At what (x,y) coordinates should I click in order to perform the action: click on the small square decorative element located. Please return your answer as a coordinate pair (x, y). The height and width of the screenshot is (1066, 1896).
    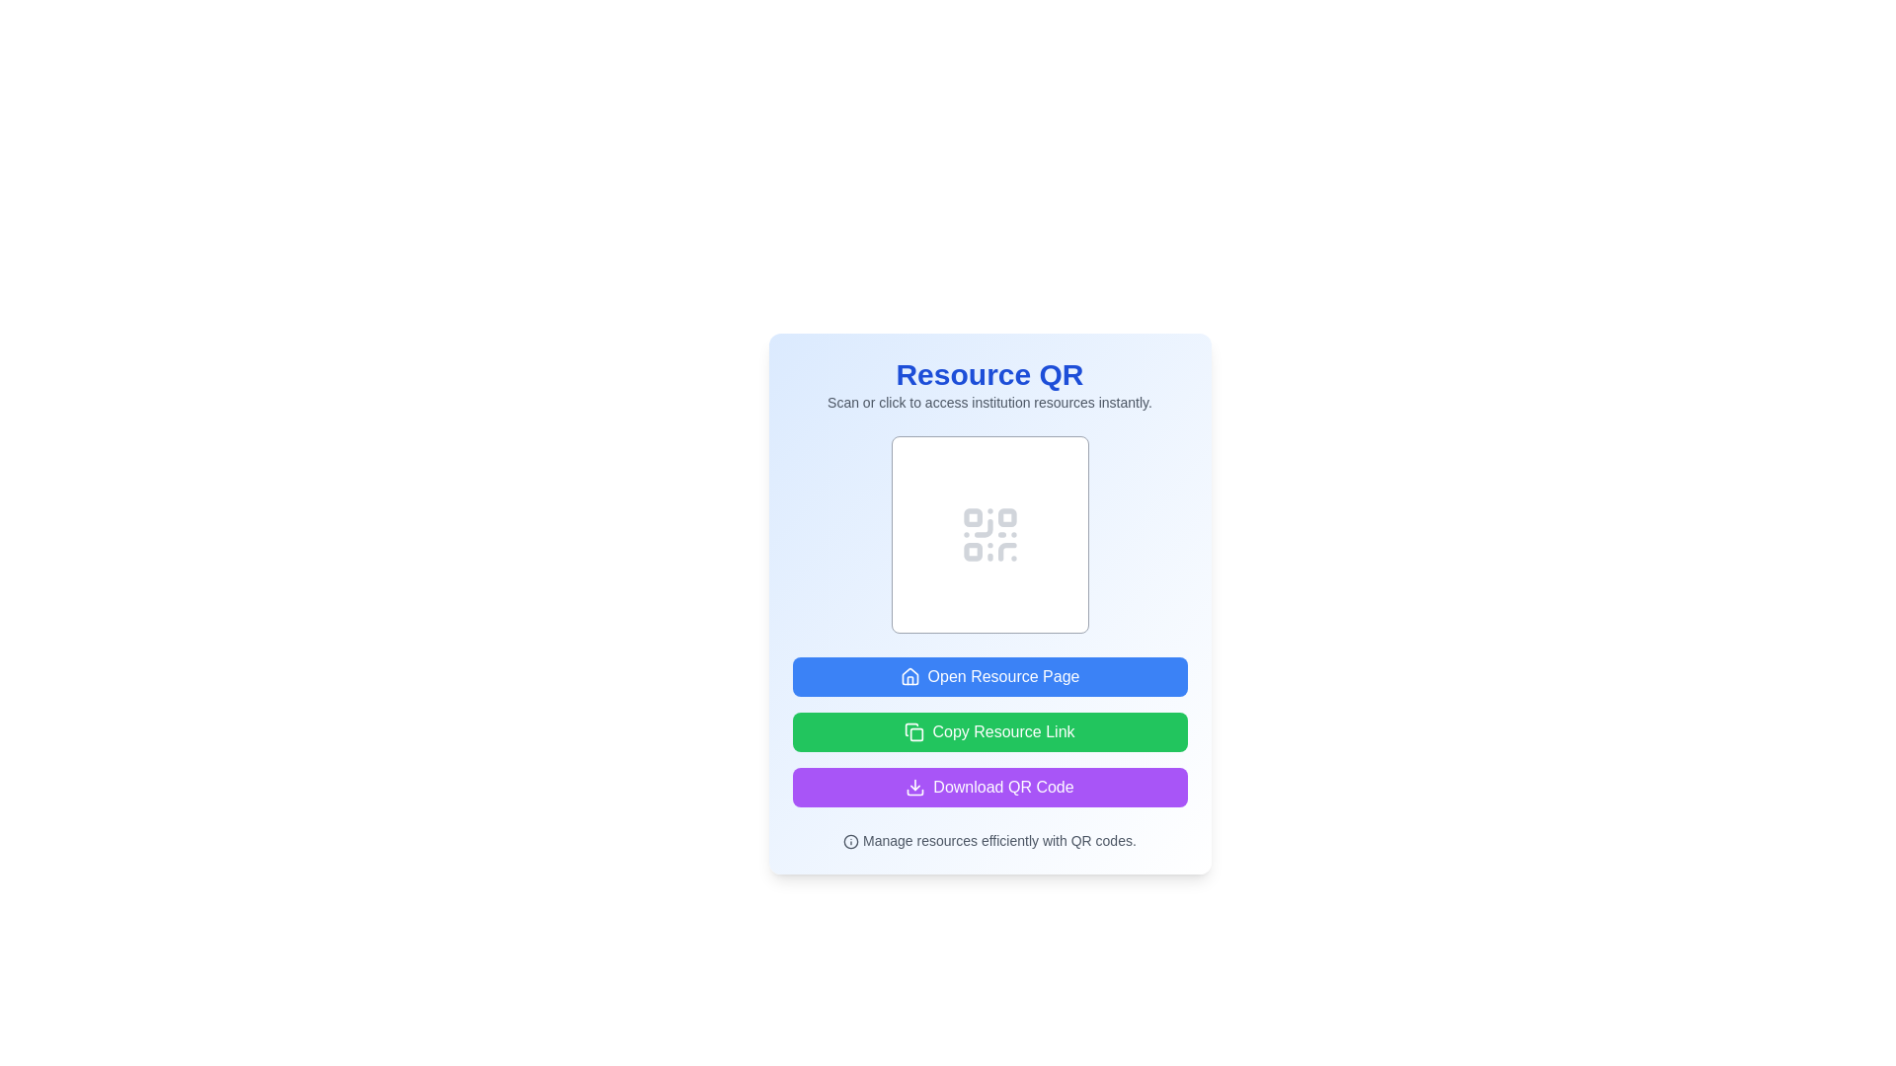
    Looking at the image, I should click on (973, 516).